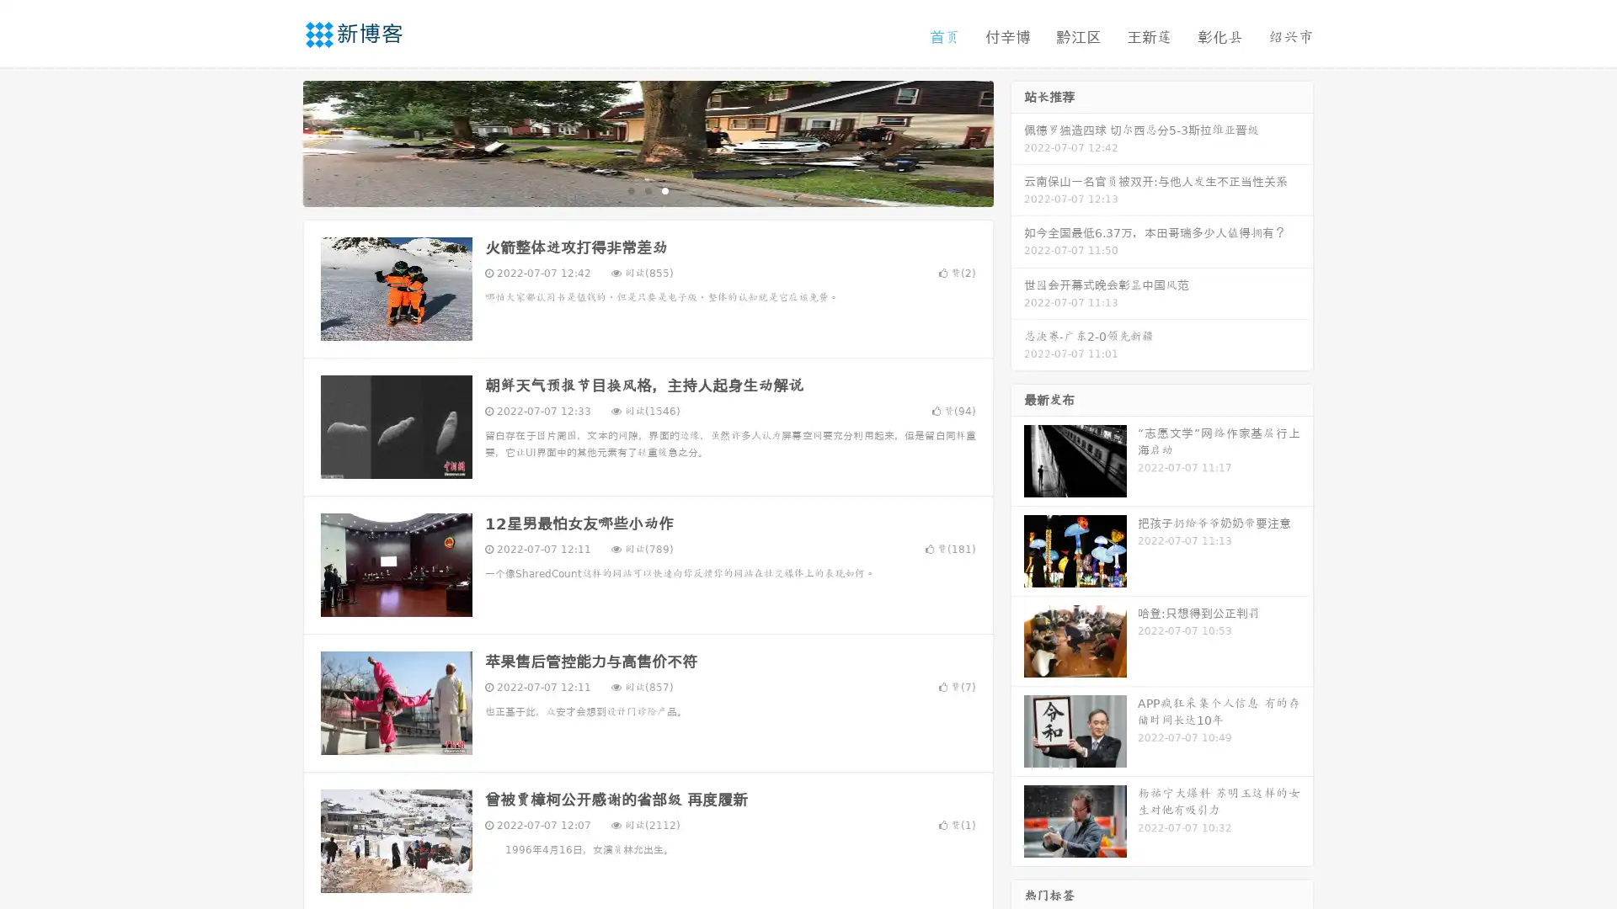  What do you see at coordinates (1017, 141) in the screenshot?
I see `Next slide` at bounding box center [1017, 141].